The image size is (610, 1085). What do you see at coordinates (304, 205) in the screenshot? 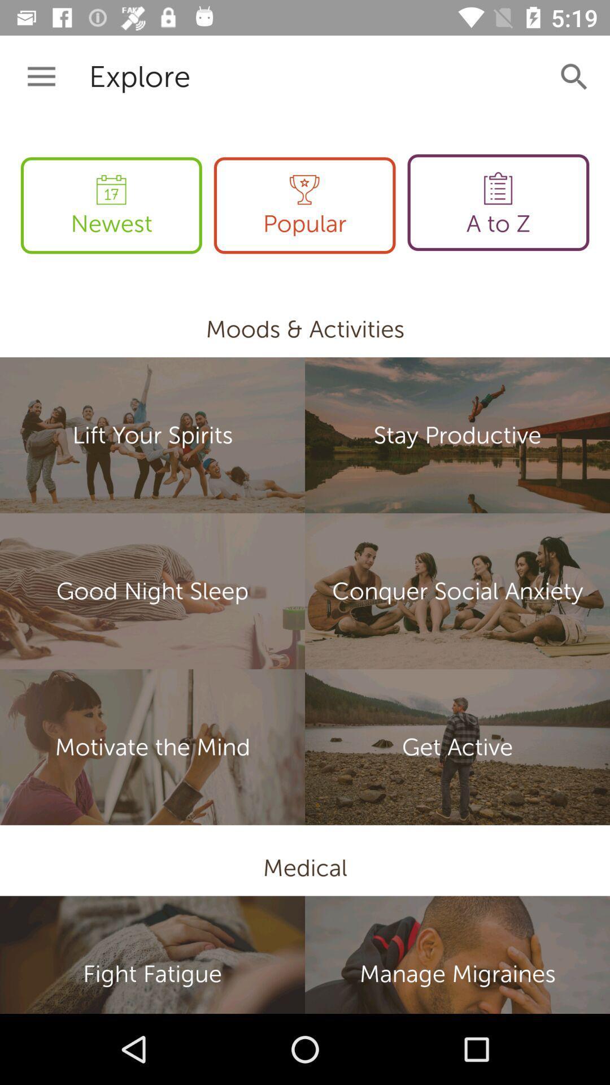
I see `the item next to newest item` at bounding box center [304, 205].